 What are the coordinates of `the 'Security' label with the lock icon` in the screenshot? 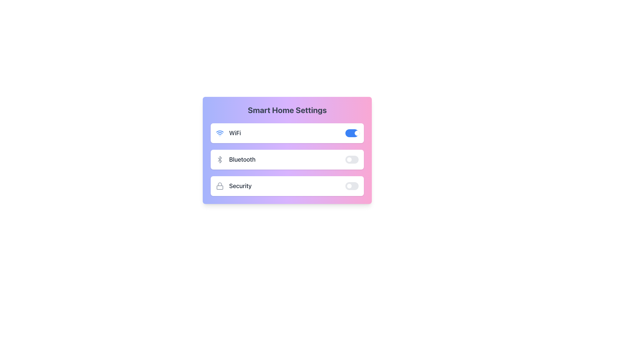 It's located at (234, 186).